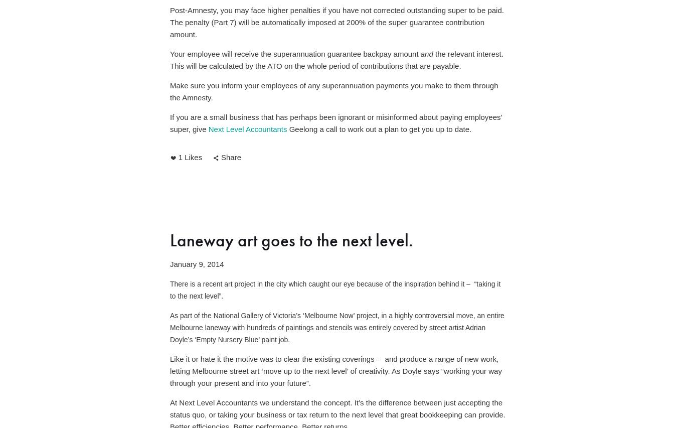  Describe the element at coordinates (295, 54) in the screenshot. I see `'Your employee will receive the superannuation guarantee backpay amount'` at that location.